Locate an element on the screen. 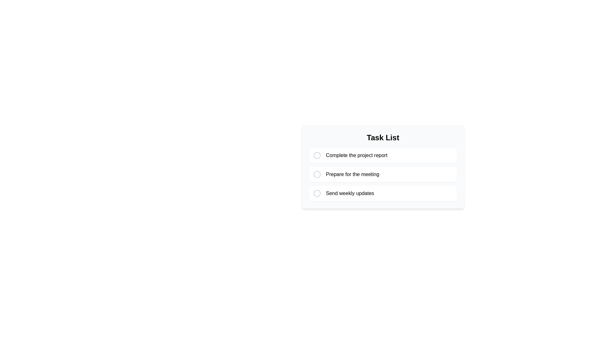 The height and width of the screenshot is (342, 609). the circular Checkbox indicator located to the left of the task description 'Complete the project report' in the task list interface is located at coordinates (317, 155).